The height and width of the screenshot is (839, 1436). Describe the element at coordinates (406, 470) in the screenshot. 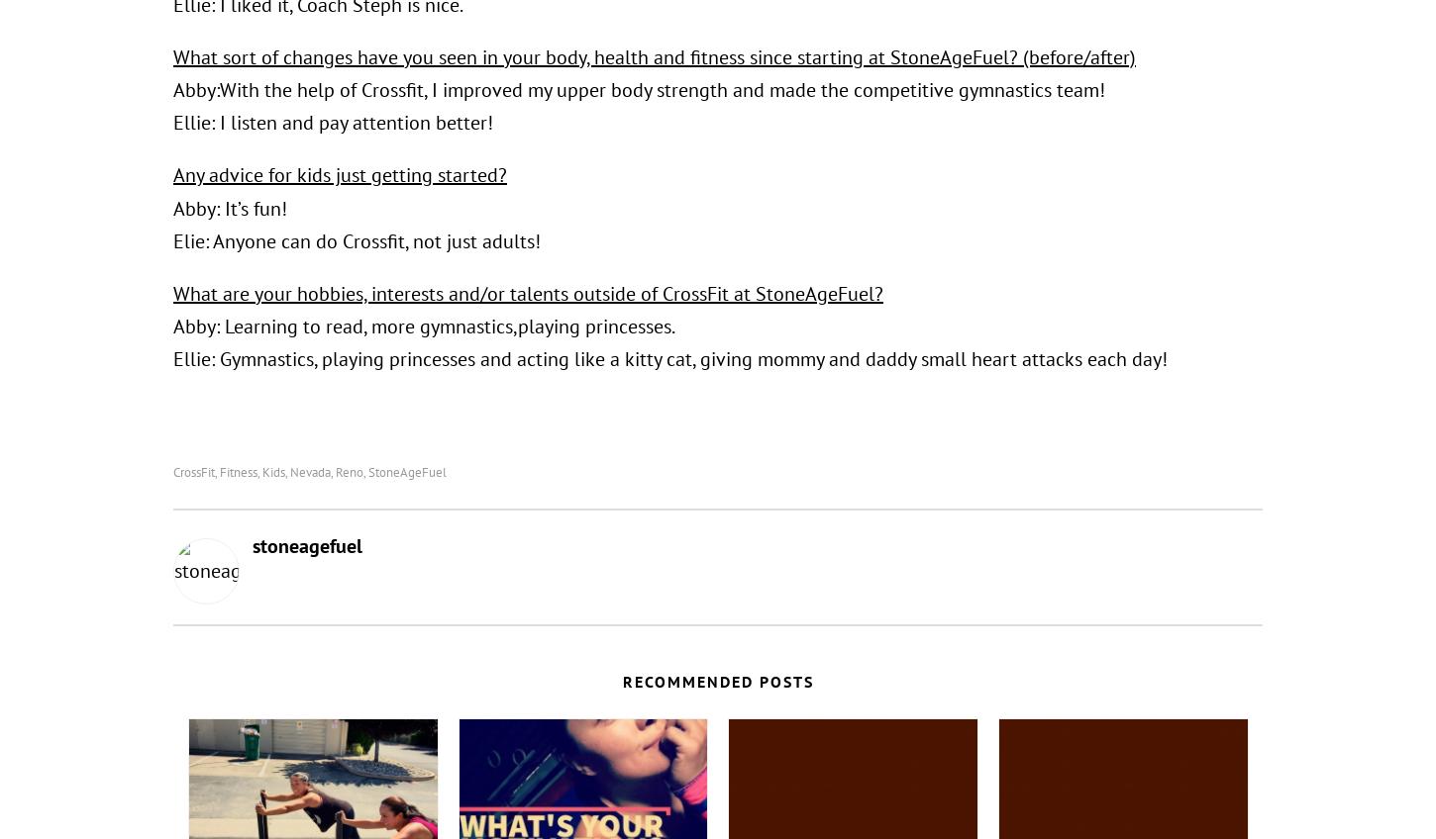

I see `'StoneAgeFuel'` at that location.